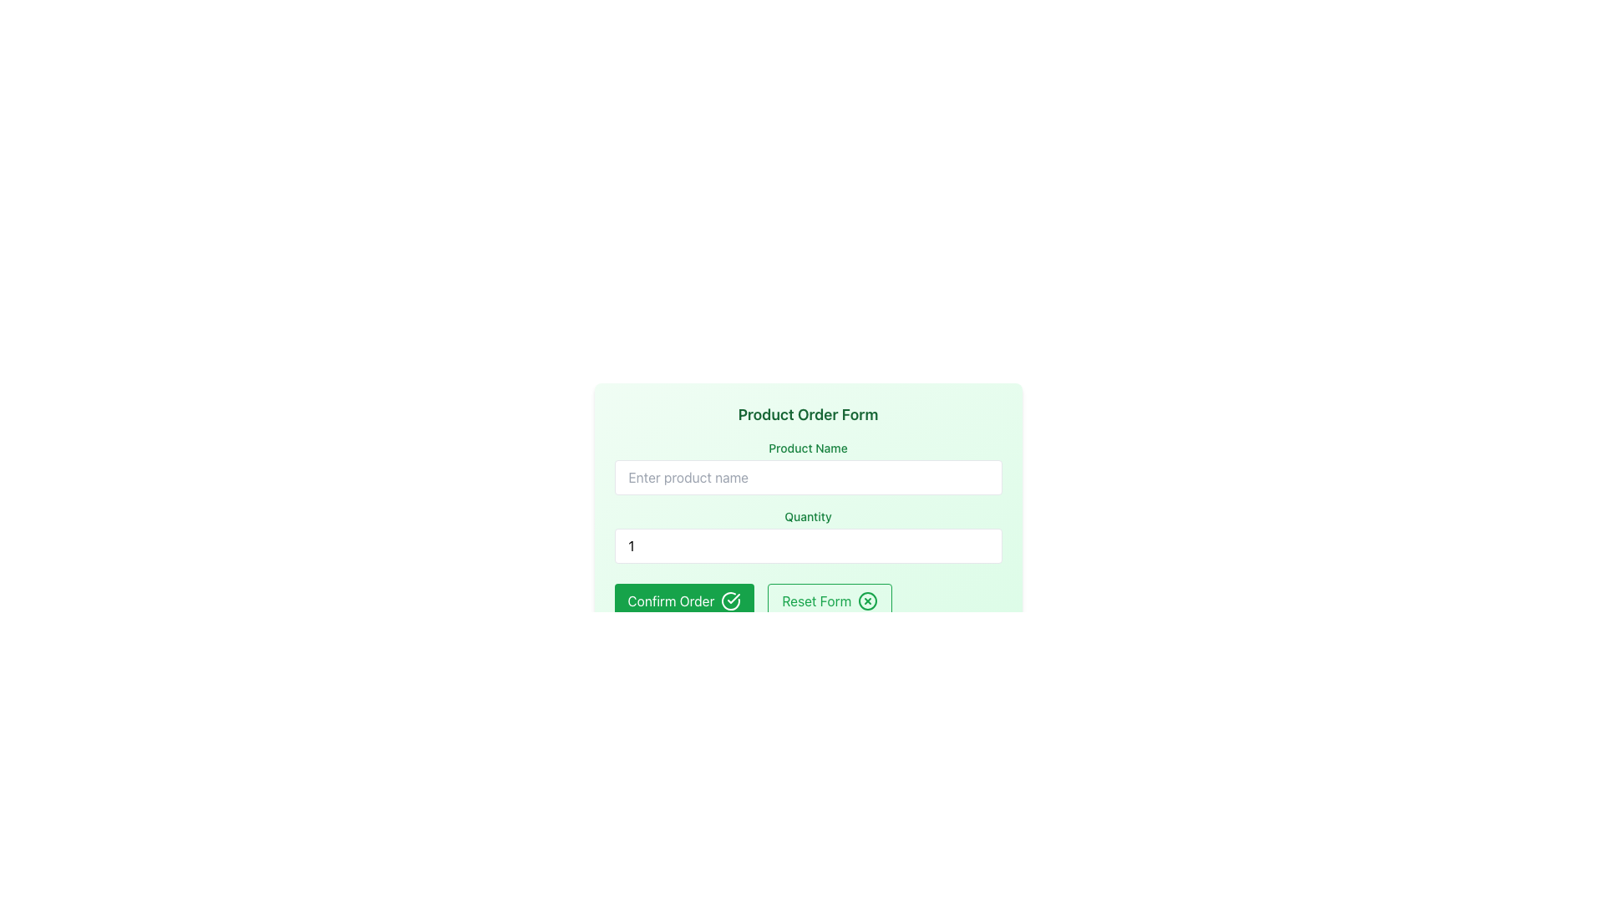 The height and width of the screenshot is (902, 1604). What do you see at coordinates (731, 601) in the screenshot?
I see `the circular green icon with a checkmark inside, located on the right side of the 'Confirm Order' button, adjacent to the text label 'Confirm Order'` at bounding box center [731, 601].